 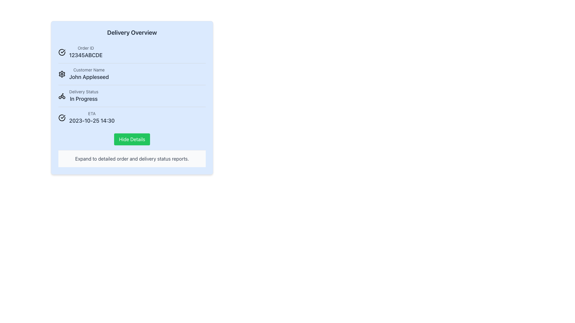 What do you see at coordinates (83, 99) in the screenshot?
I see `the delivery status text label indicating 'In Progress', located below the 'Delivery Status' text in the card interface` at bounding box center [83, 99].